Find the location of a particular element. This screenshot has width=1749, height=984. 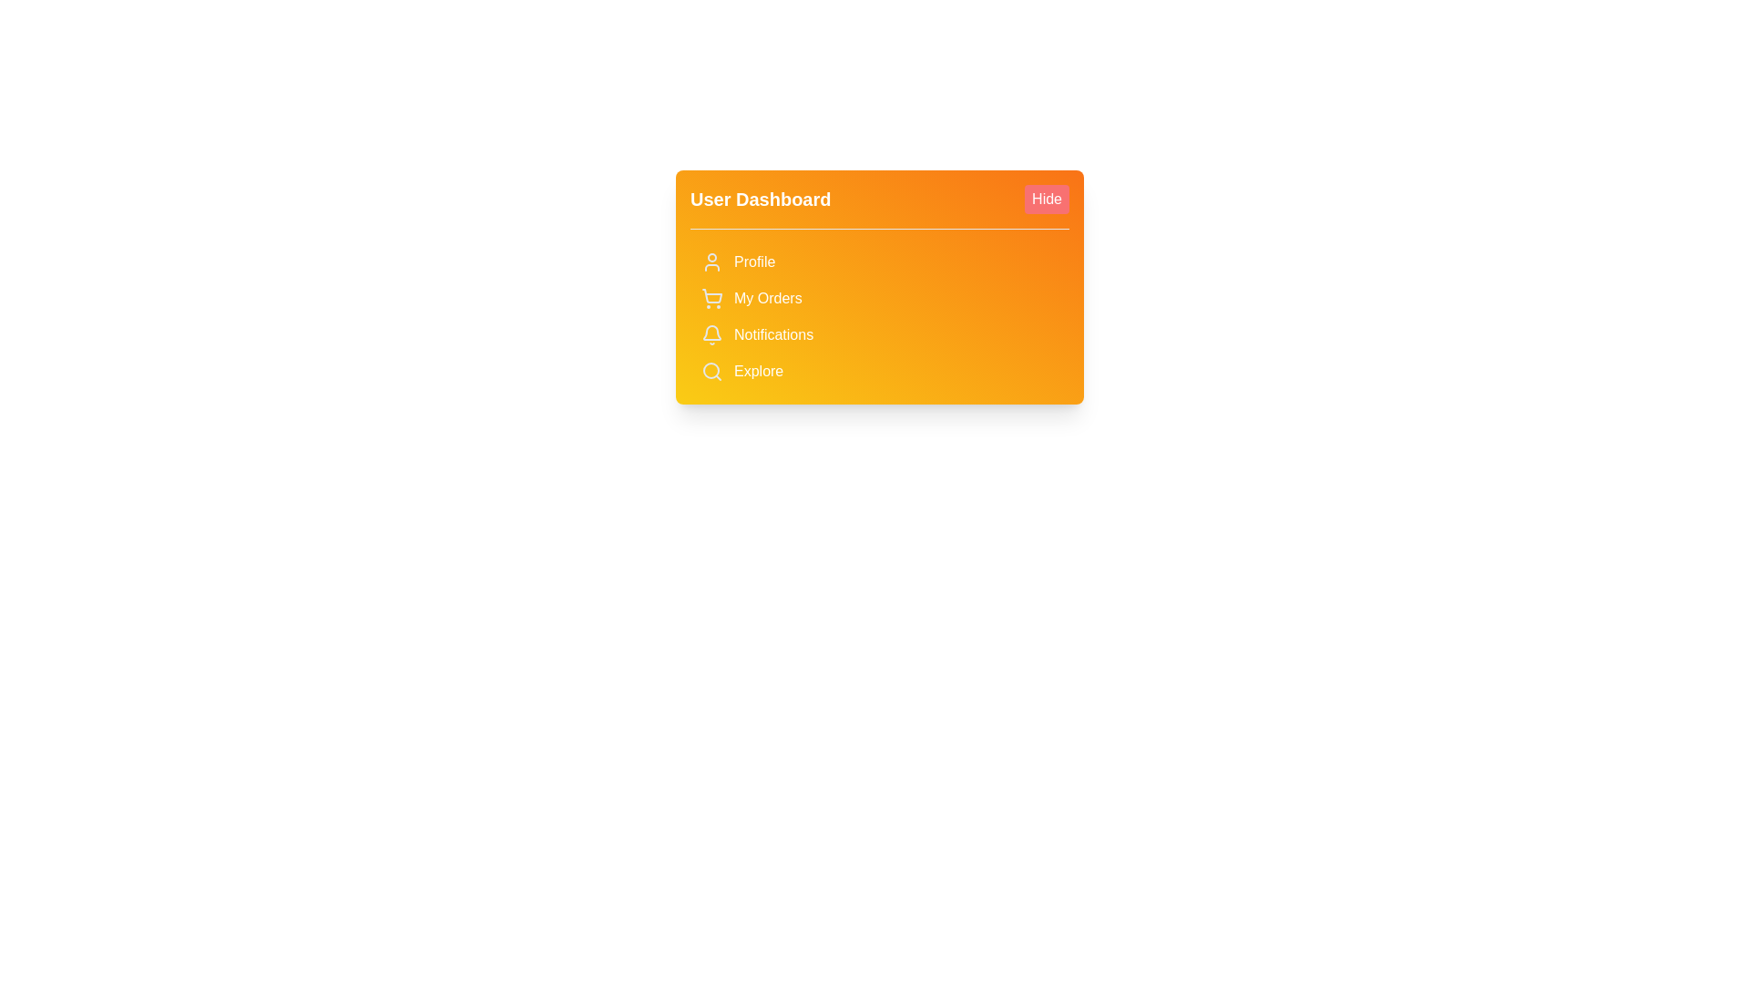

the 'Notifications' button to access the Notifications section is located at coordinates (879, 334).